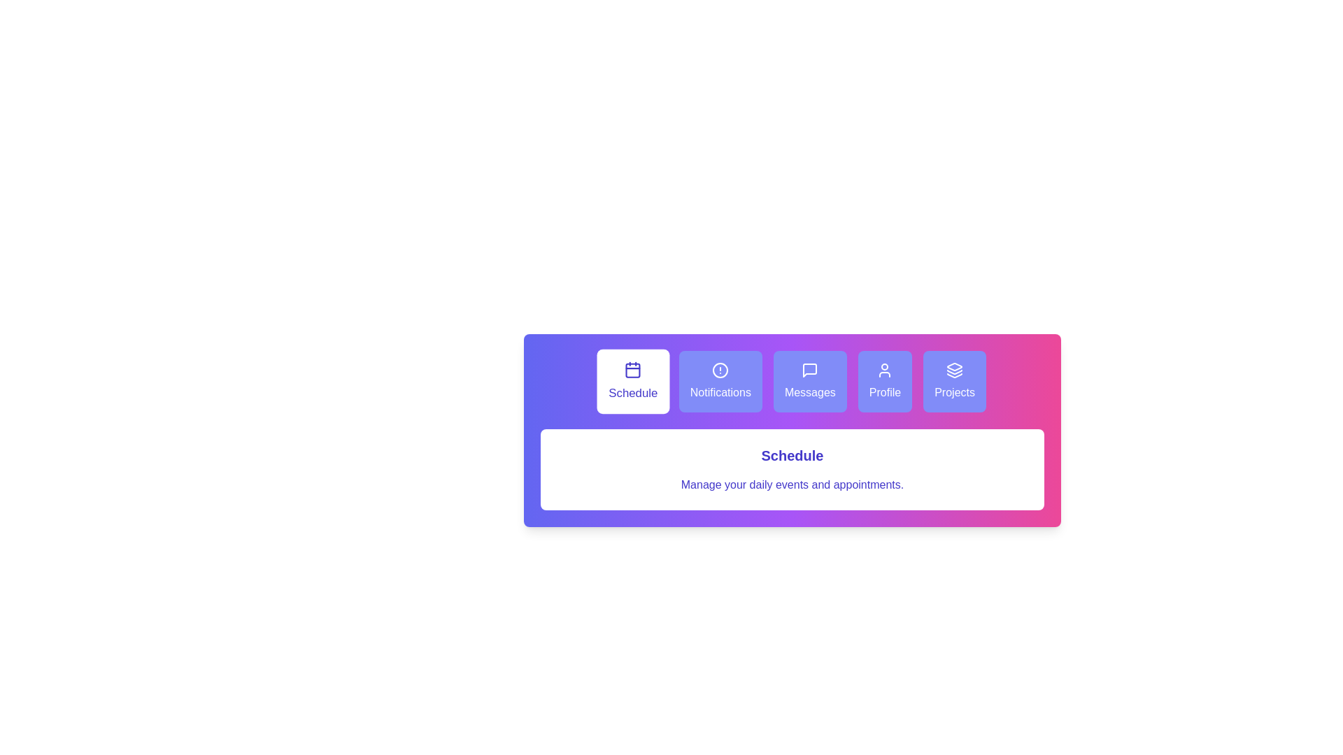  Describe the element at coordinates (810, 382) in the screenshot. I see `the tab labeled 'Messages' to see its hover effect` at that location.